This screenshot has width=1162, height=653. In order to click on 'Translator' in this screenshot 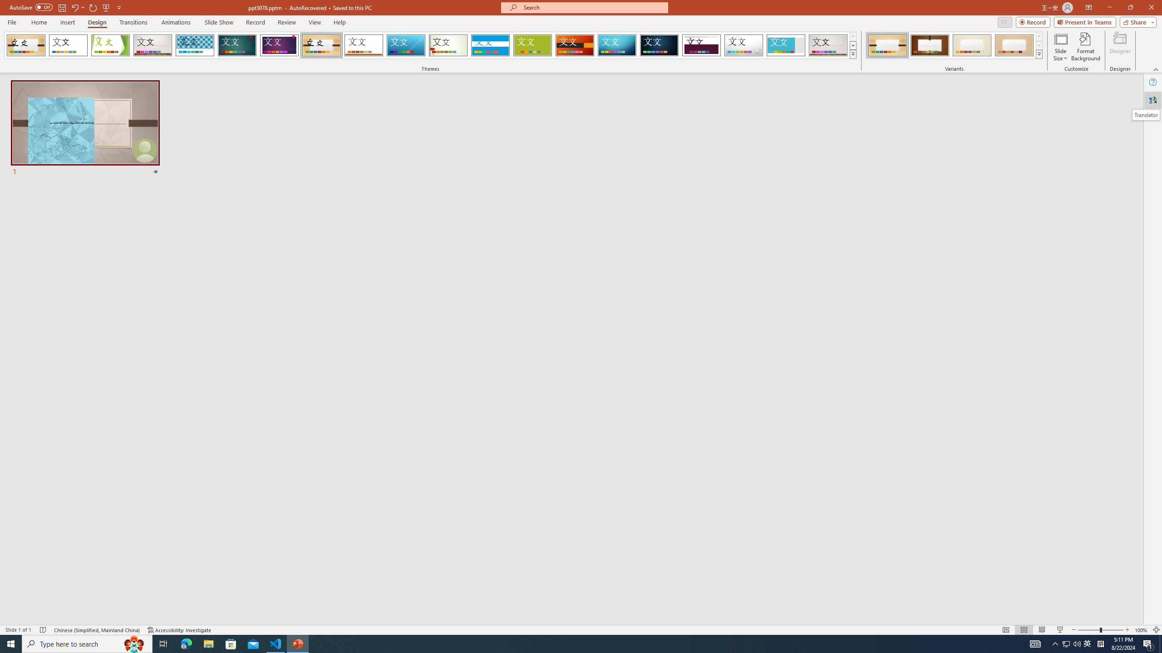, I will do `click(1152, 100)`.